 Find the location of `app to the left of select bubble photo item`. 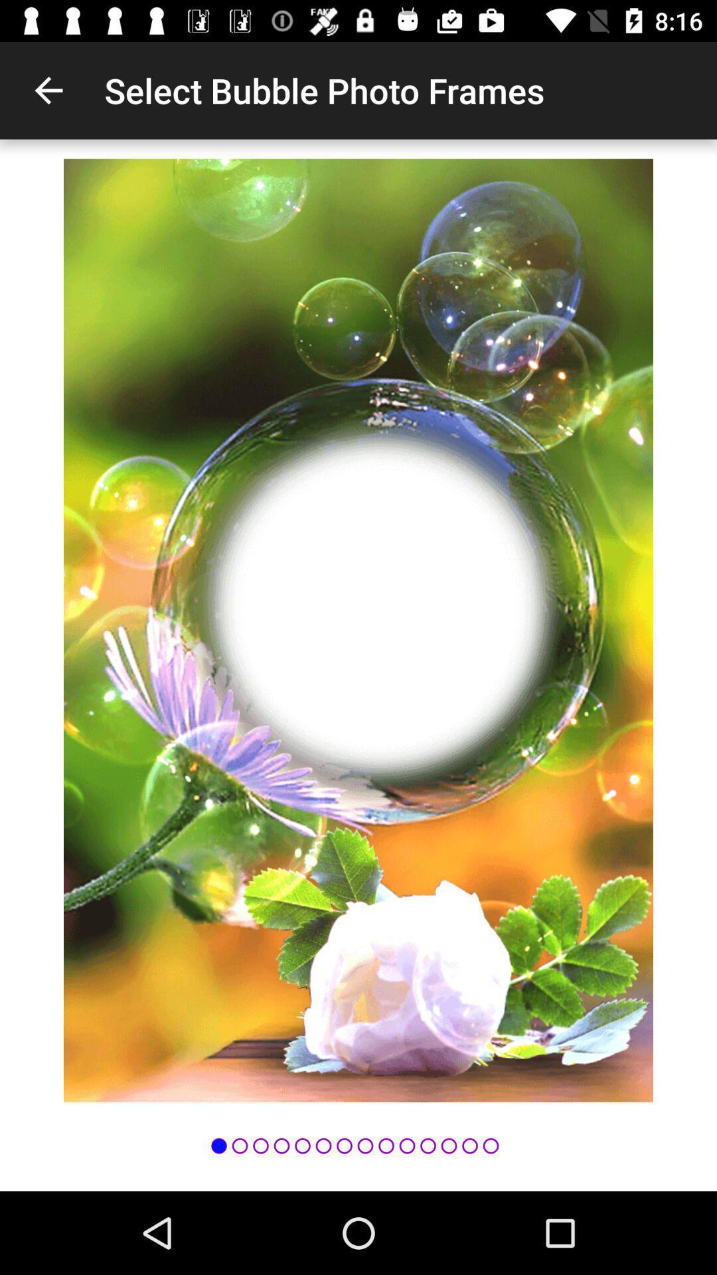

app to the left of select bubble photo item is located at coordinates (48, 90).